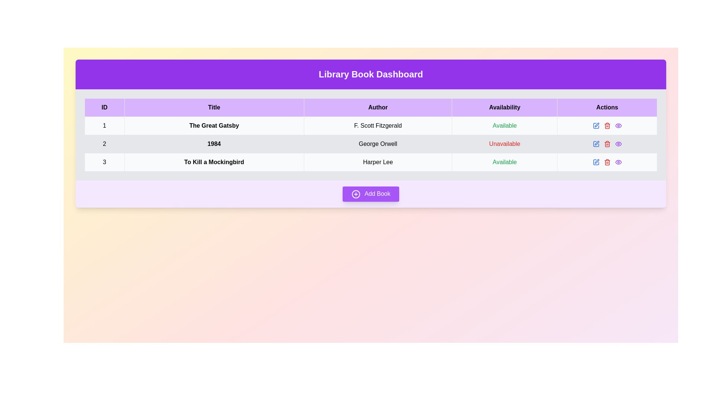 Image resolution: width=715 pixels, height=402 pixels. Describe the element at coordinates (607, 162) in the screenshot. I see `the edit icon located in the 'Actions' column of the last row in the table for the book 'To Kill a Mockingbird' to modify the entry` at that location.